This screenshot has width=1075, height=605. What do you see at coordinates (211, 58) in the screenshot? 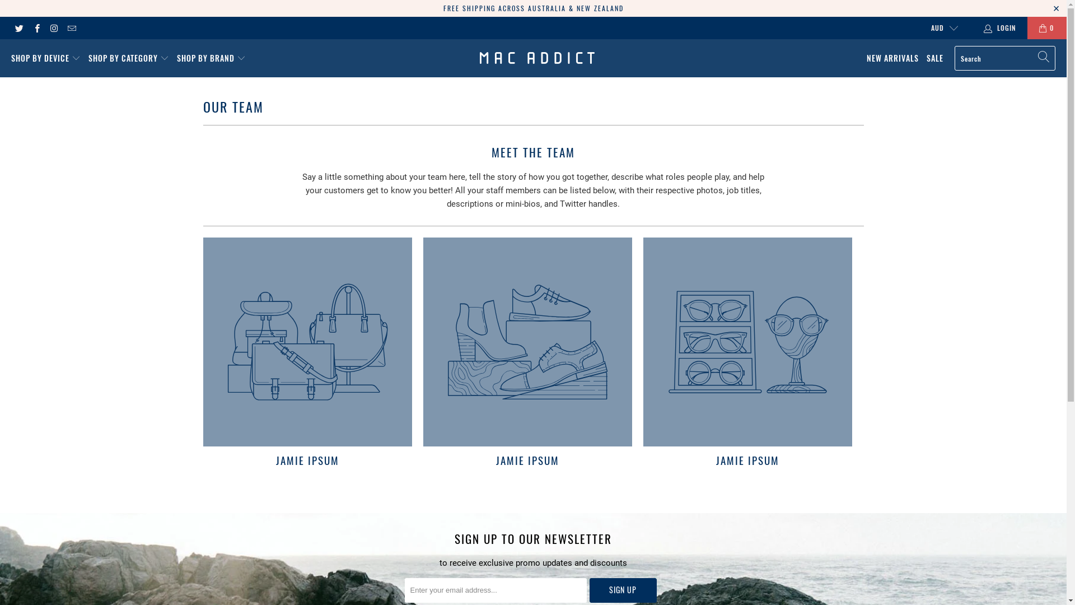
I see `'SHOP BY BRAND'` at bounding box center [211, 58].